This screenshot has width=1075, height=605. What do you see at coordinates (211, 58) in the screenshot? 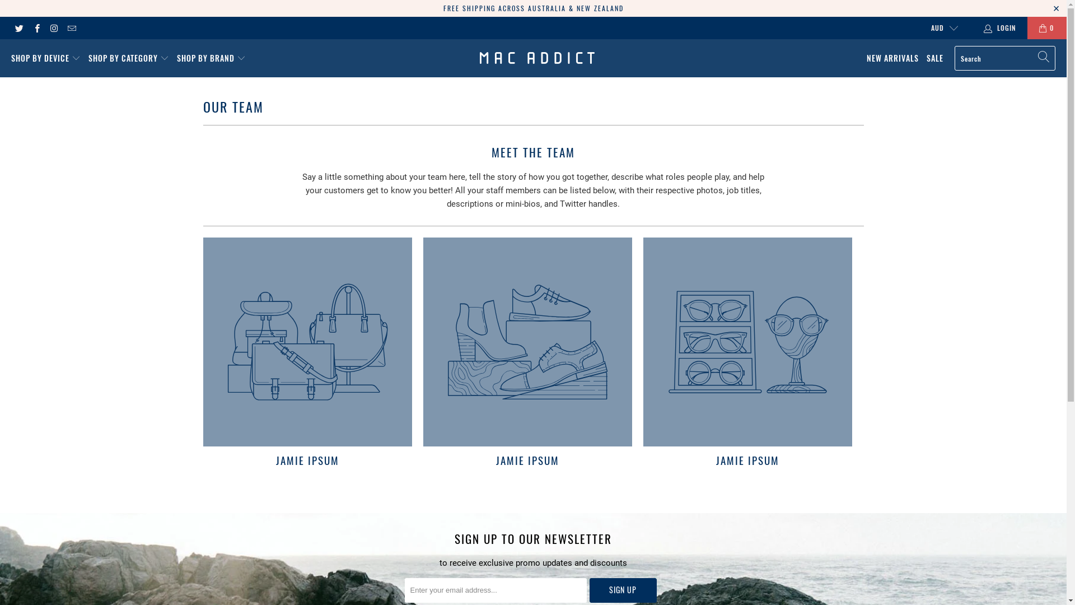
I see `'SHOP BY BRAND'` at bounding box center [211, 58].